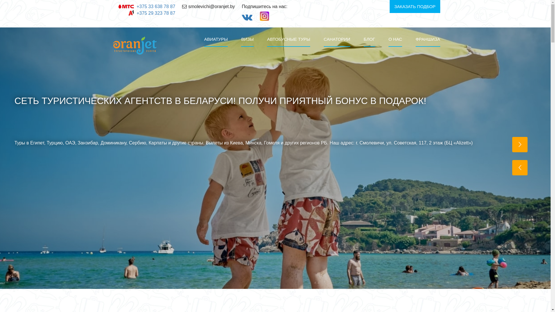 The width and height of the screenshot is (555, 312). I want to click on '+375 33 638 78 87', so click(156, 6).